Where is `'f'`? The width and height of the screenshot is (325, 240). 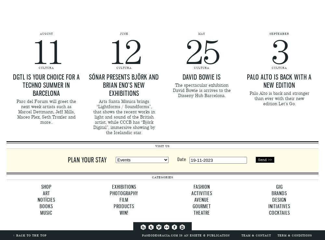
'f' is located at coordinates (166, 226).